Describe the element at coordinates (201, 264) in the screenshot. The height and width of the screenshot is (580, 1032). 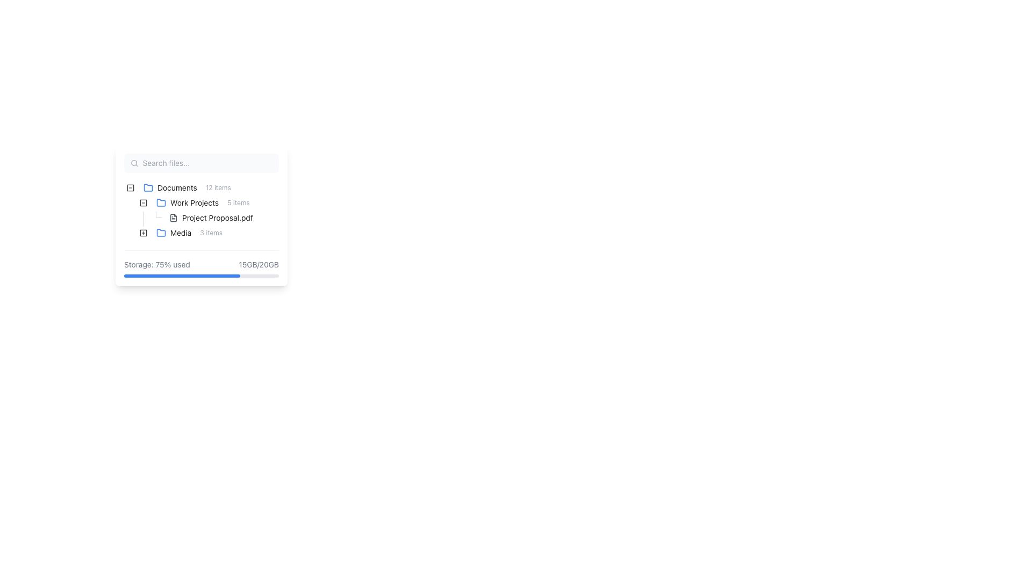
I see `the storage information by clicking on the progress bar that shows 'Storage: 75% used' and '15GB/20GB' at the bottom of the file browser interface` at that location.